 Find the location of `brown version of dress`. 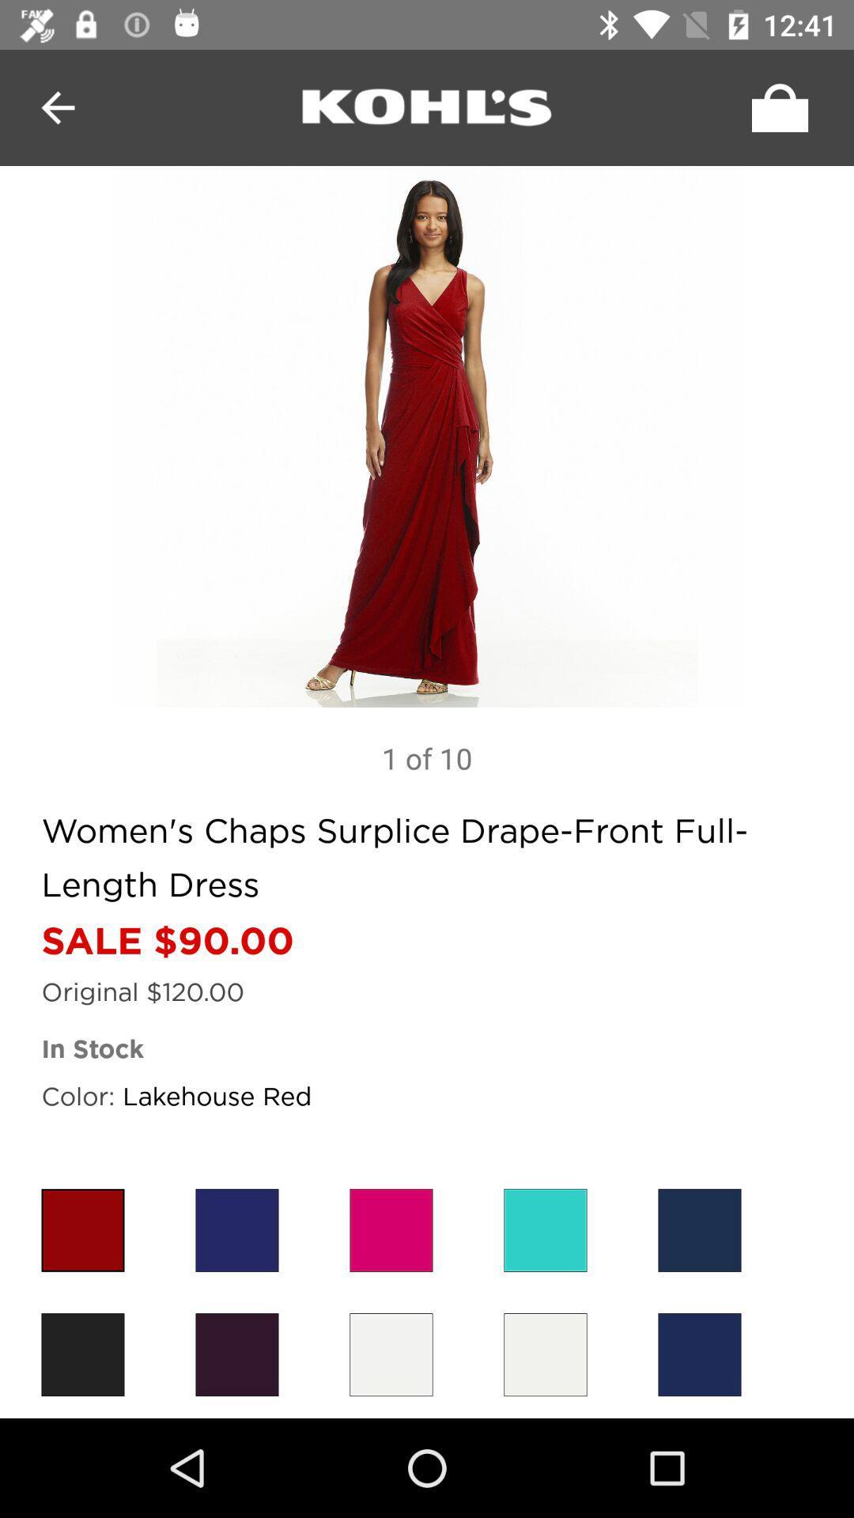

brown version of dress is located at coordinates (237, 1354).